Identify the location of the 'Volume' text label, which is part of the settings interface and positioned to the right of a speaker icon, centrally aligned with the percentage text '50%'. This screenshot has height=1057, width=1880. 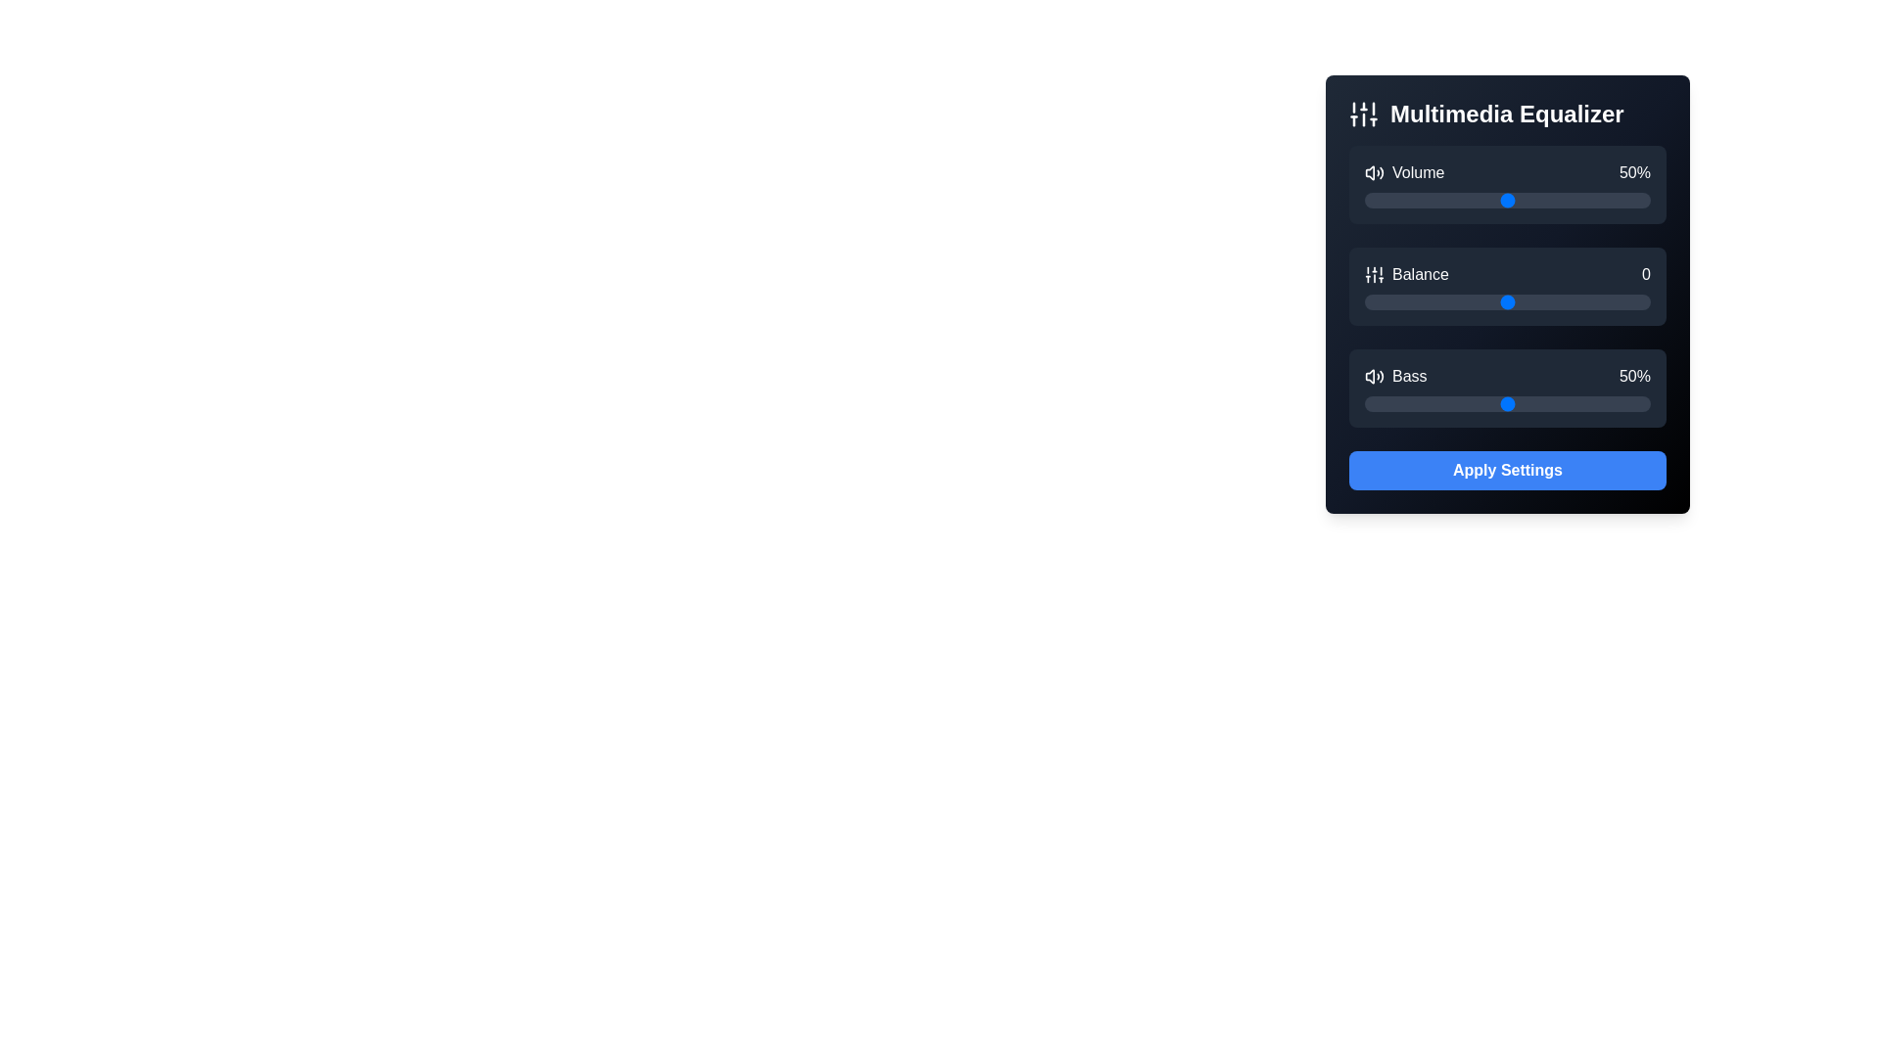
(1403, 172).